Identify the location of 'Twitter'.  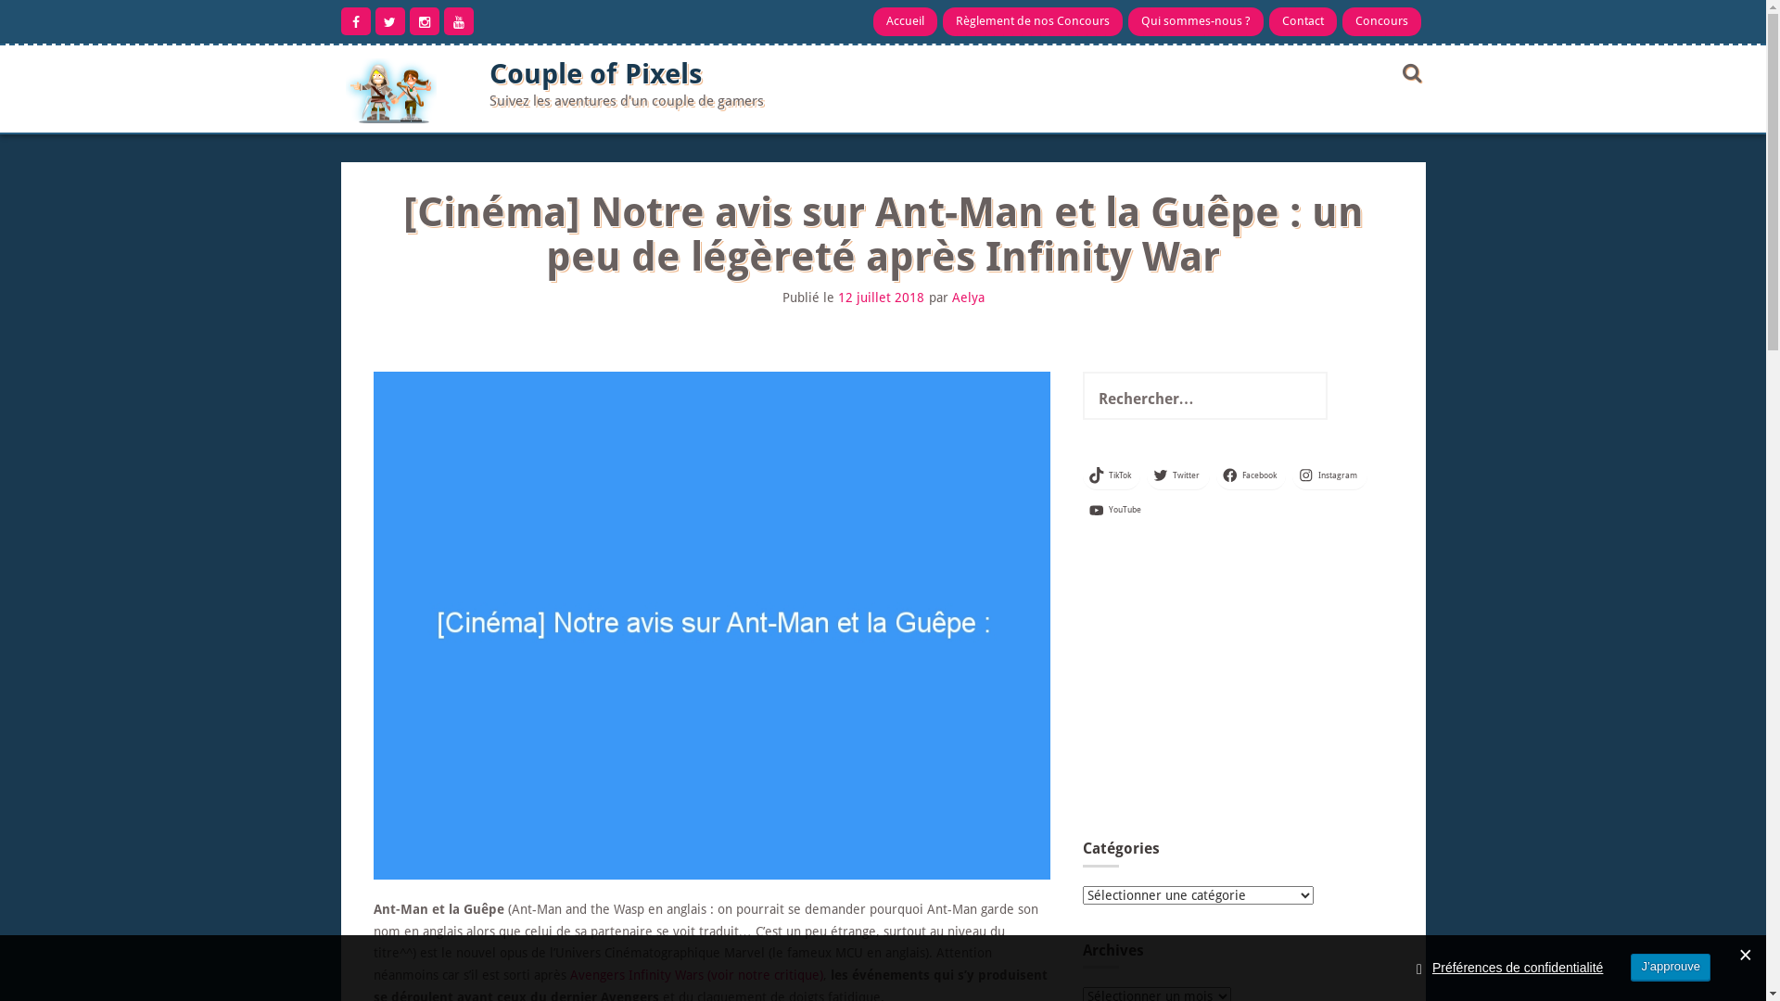
(1177, 475).